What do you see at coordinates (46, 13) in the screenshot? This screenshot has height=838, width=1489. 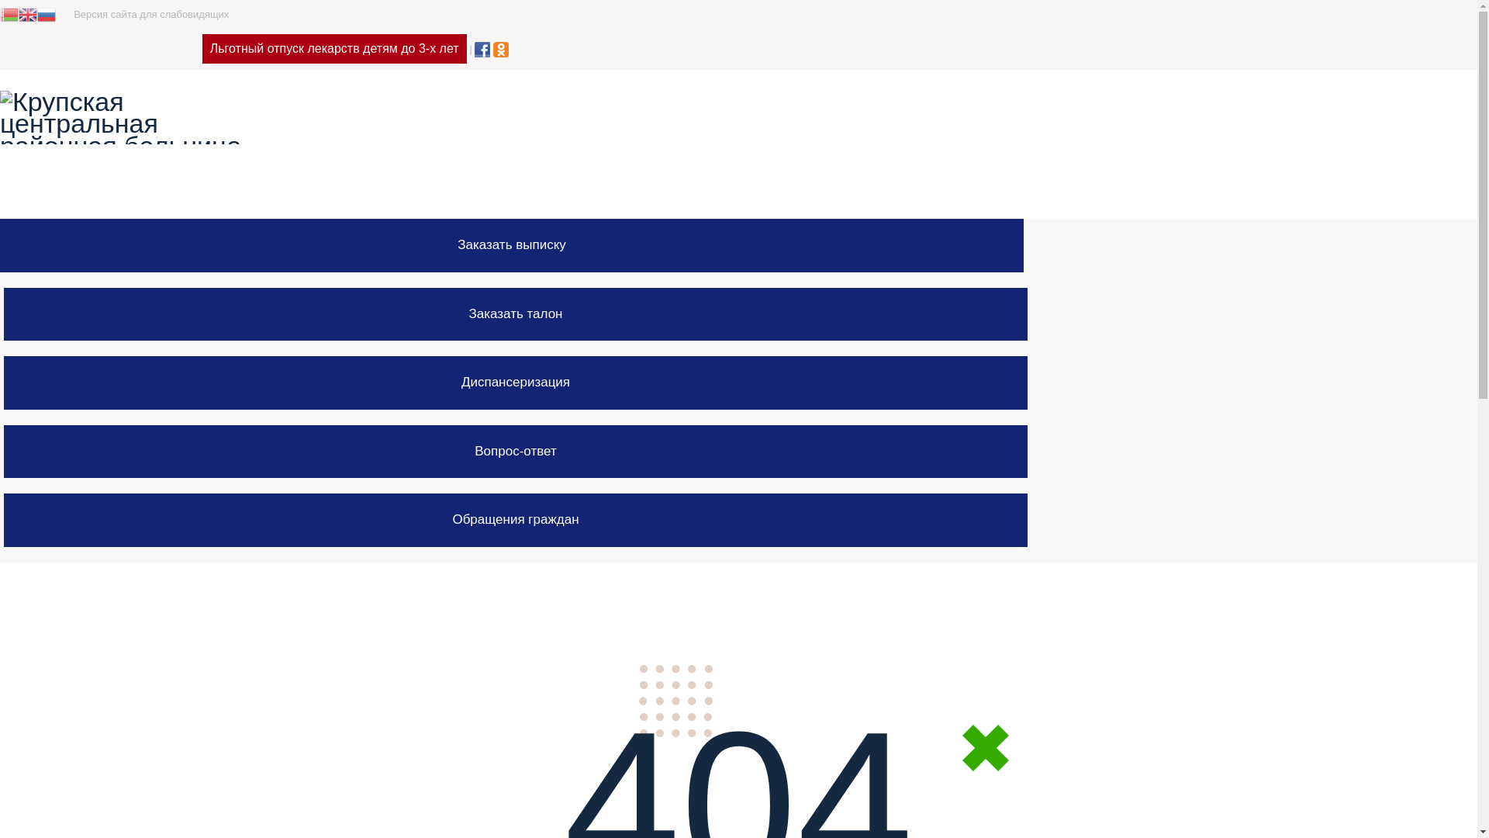 I see `'Russian'` at bounding box center [46, 13].